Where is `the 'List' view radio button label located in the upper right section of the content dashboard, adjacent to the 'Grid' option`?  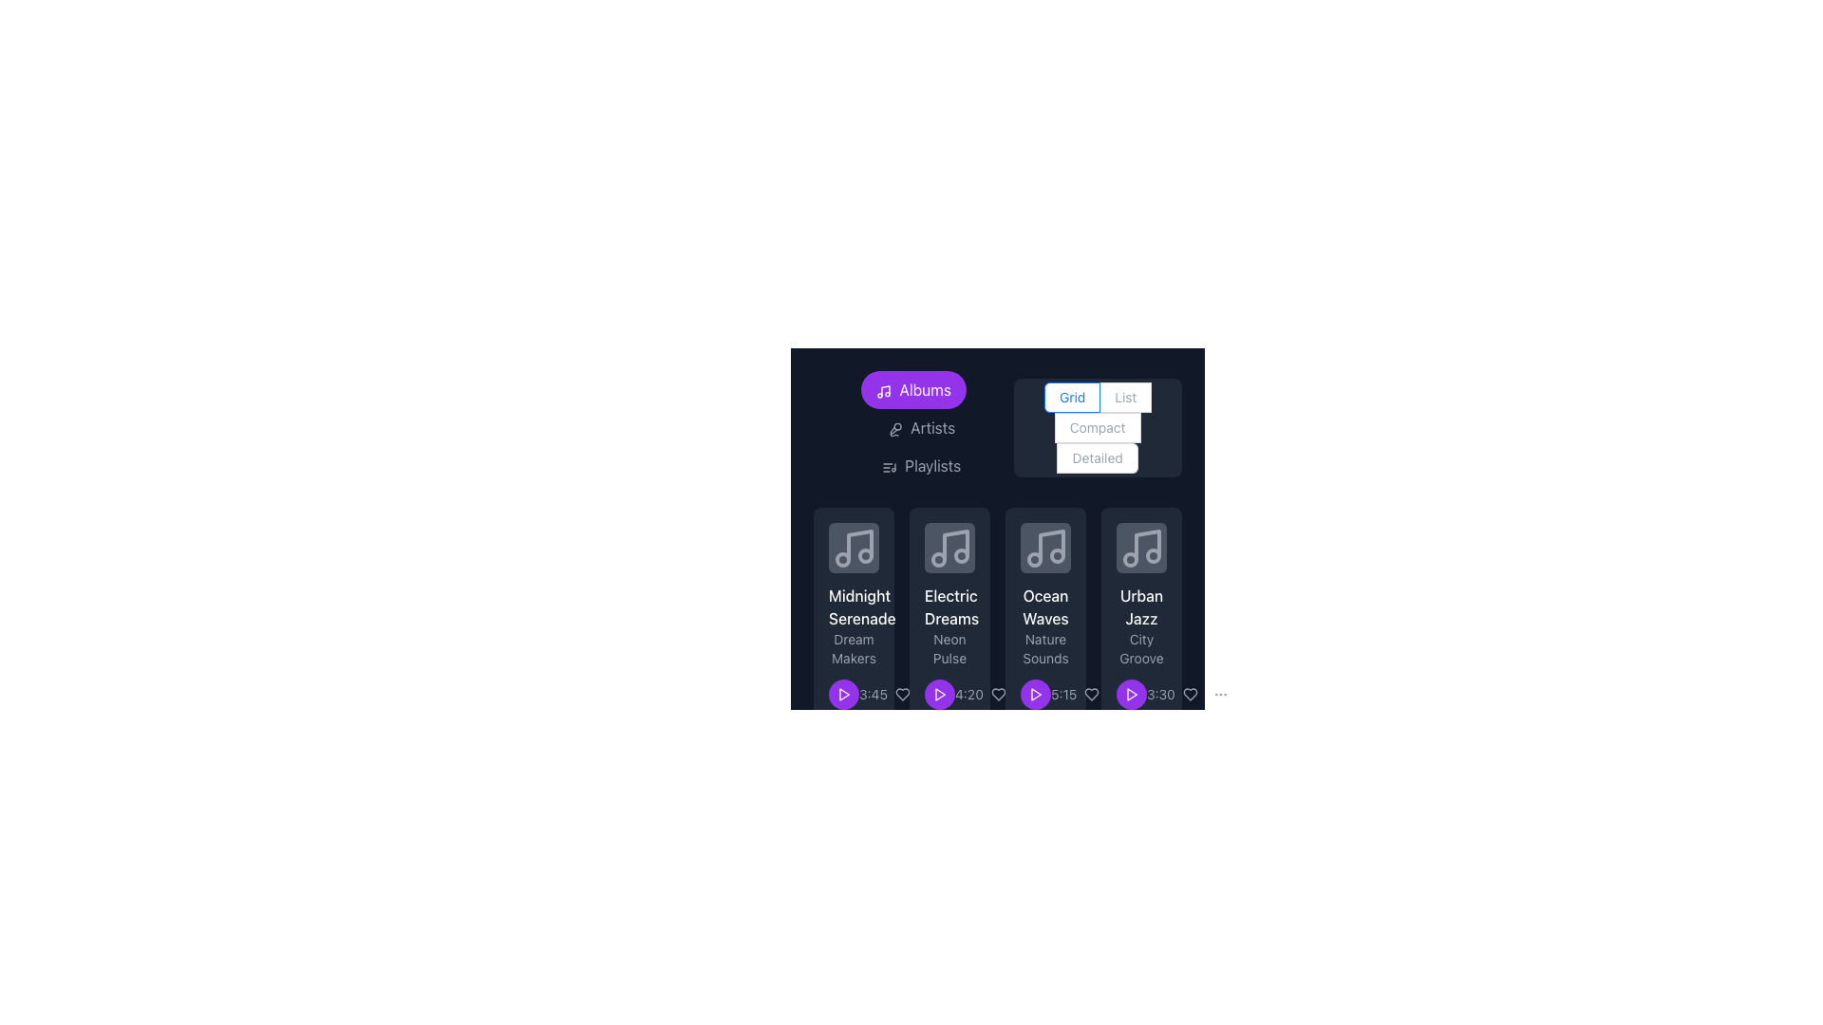
the 'List' view radio button label located in the upper right section of the content dashboard, adjacent to the 'Grid' option is located at coordinates (1125, 396).